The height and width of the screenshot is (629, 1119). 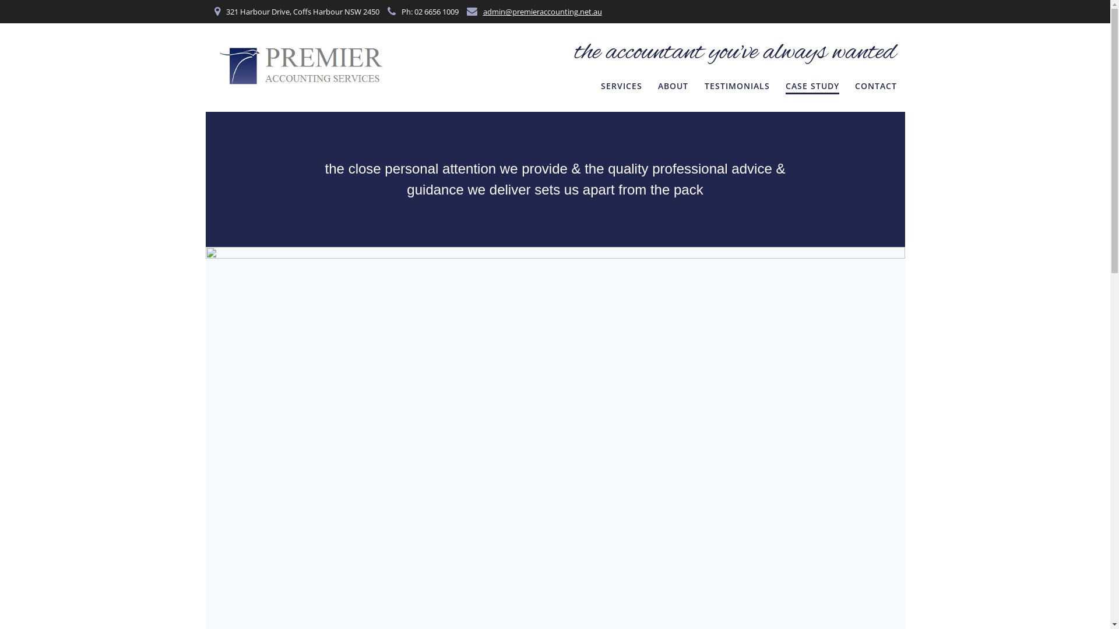 What do you see at coordinates (737, 86) in the screenshot?
I see `'TESTIMONIALS'` at bounding box center [737, 86].